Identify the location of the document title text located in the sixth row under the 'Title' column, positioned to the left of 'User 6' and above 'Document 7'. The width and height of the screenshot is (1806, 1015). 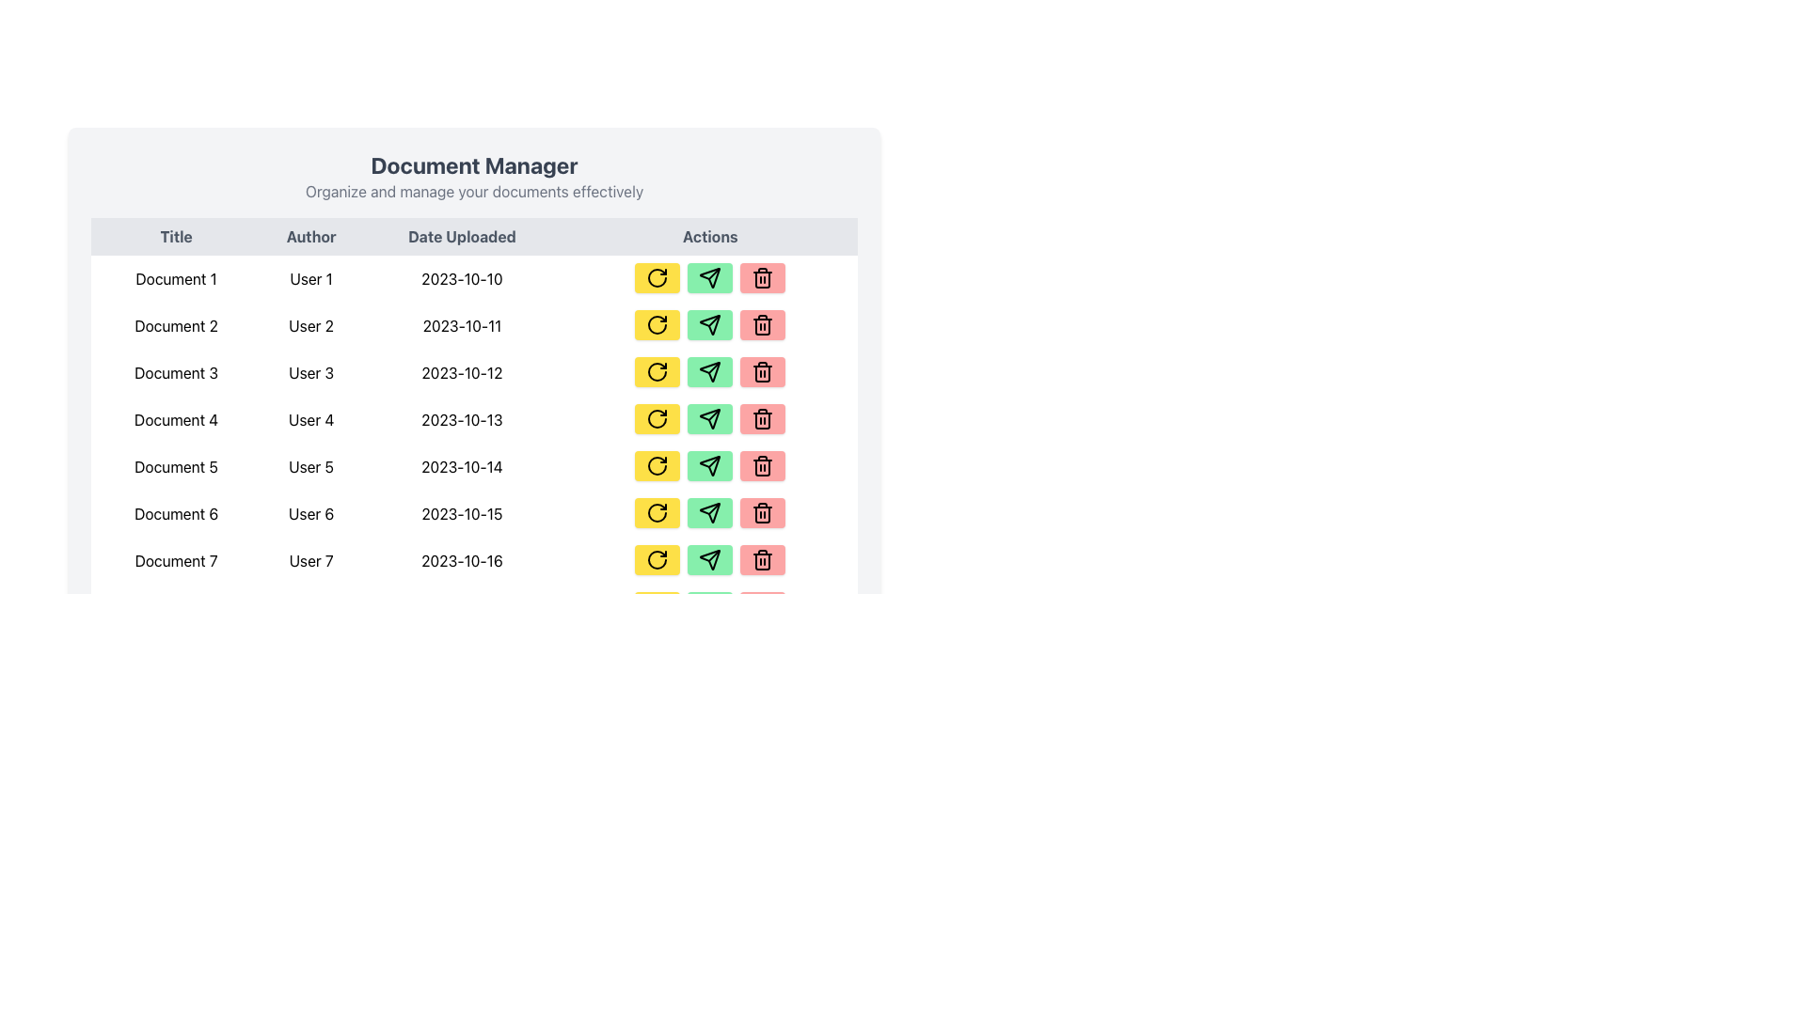
(176, 514).